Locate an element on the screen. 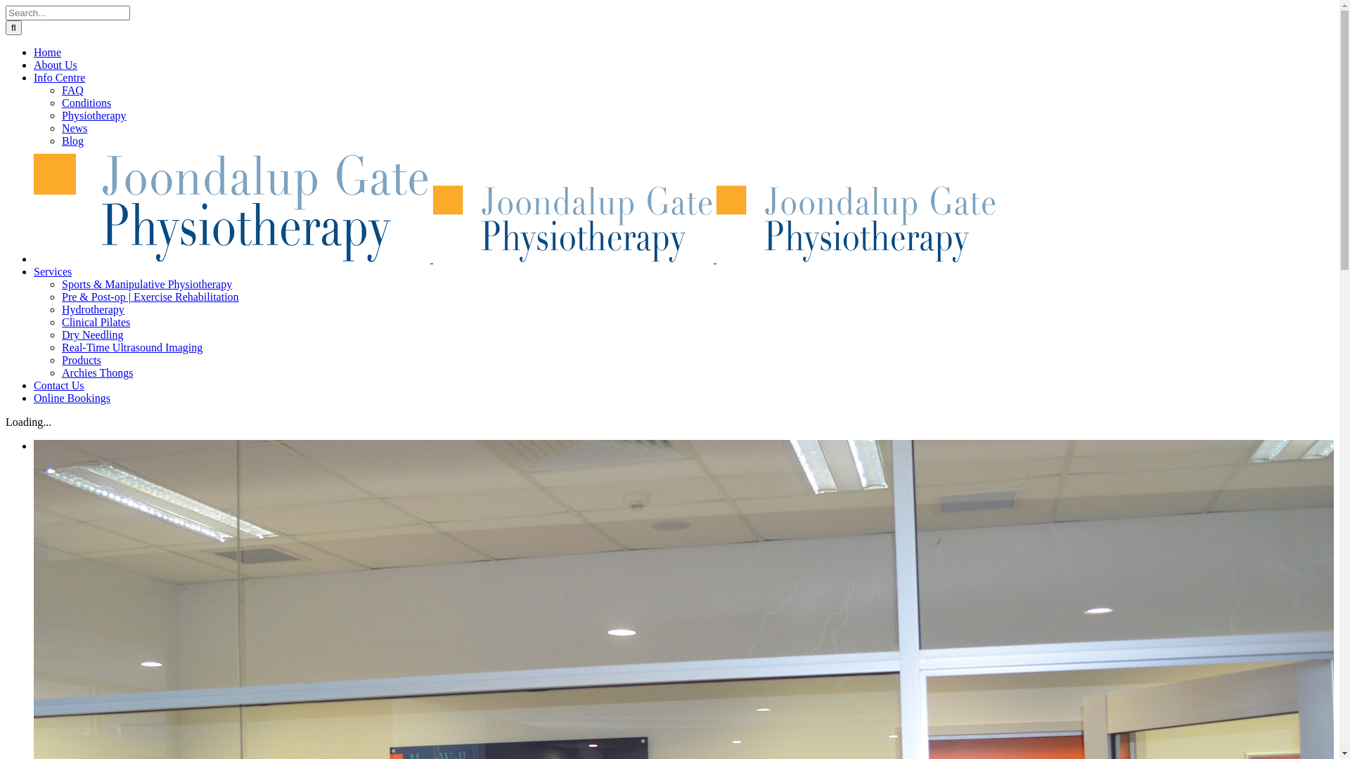  'Conditions' is located at coordinates (86, 102).